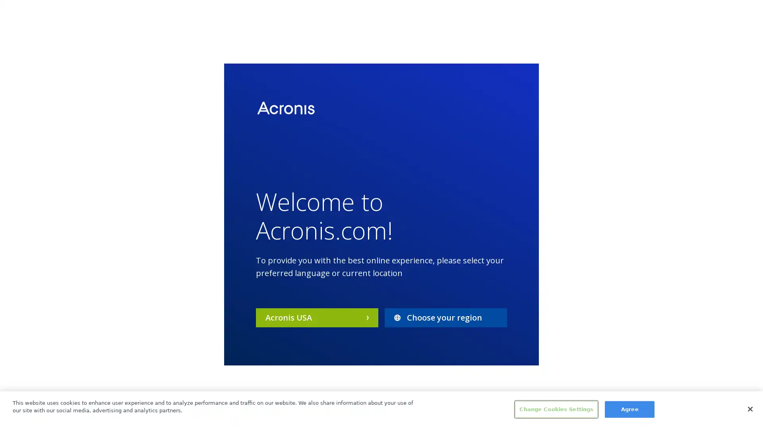  Describe the element at coordinates (749, 409) in the screenshot. I see `Close` at that location.